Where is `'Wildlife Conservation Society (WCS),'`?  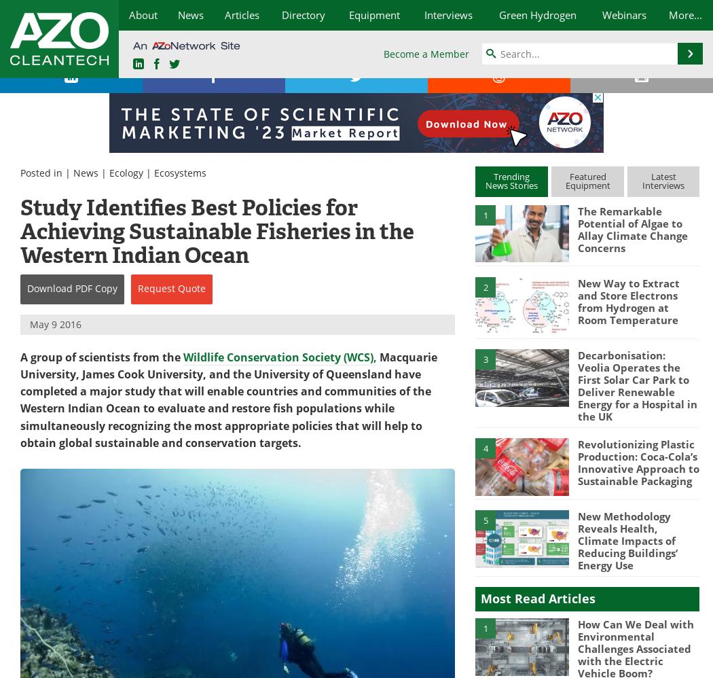
'Wildlife Conservation Society (WCS),' is located at coordinates (182, 357).